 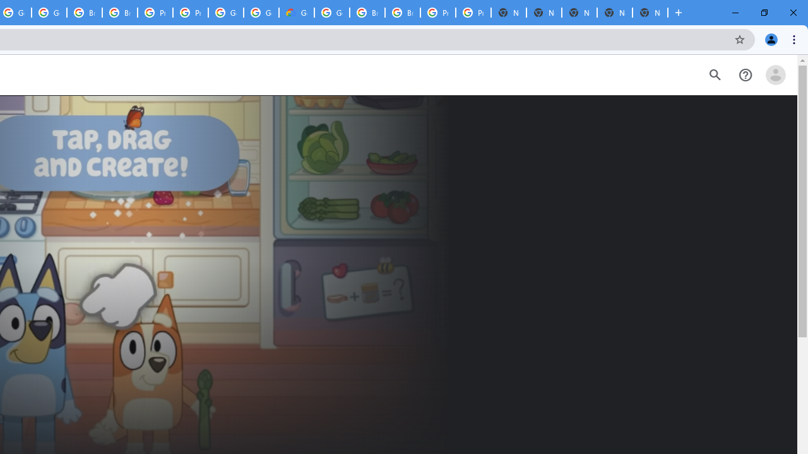 I want to click on 'Google Cloud Platform', so click(x=261, y=13).